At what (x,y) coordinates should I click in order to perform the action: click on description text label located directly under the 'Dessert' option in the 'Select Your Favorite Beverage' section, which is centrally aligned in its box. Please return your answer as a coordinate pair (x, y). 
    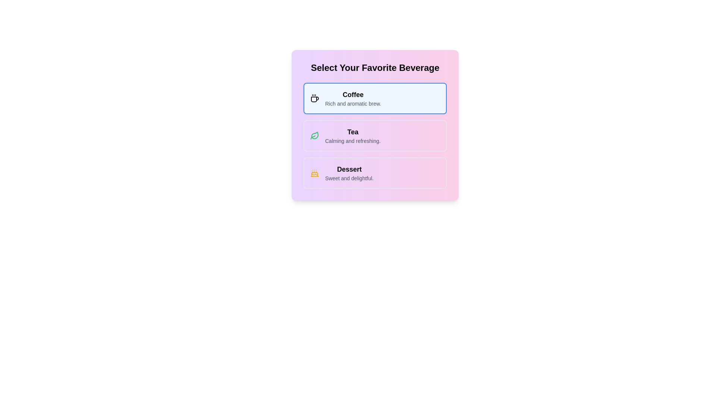
    Looking at the image, I should click on (349, 178).